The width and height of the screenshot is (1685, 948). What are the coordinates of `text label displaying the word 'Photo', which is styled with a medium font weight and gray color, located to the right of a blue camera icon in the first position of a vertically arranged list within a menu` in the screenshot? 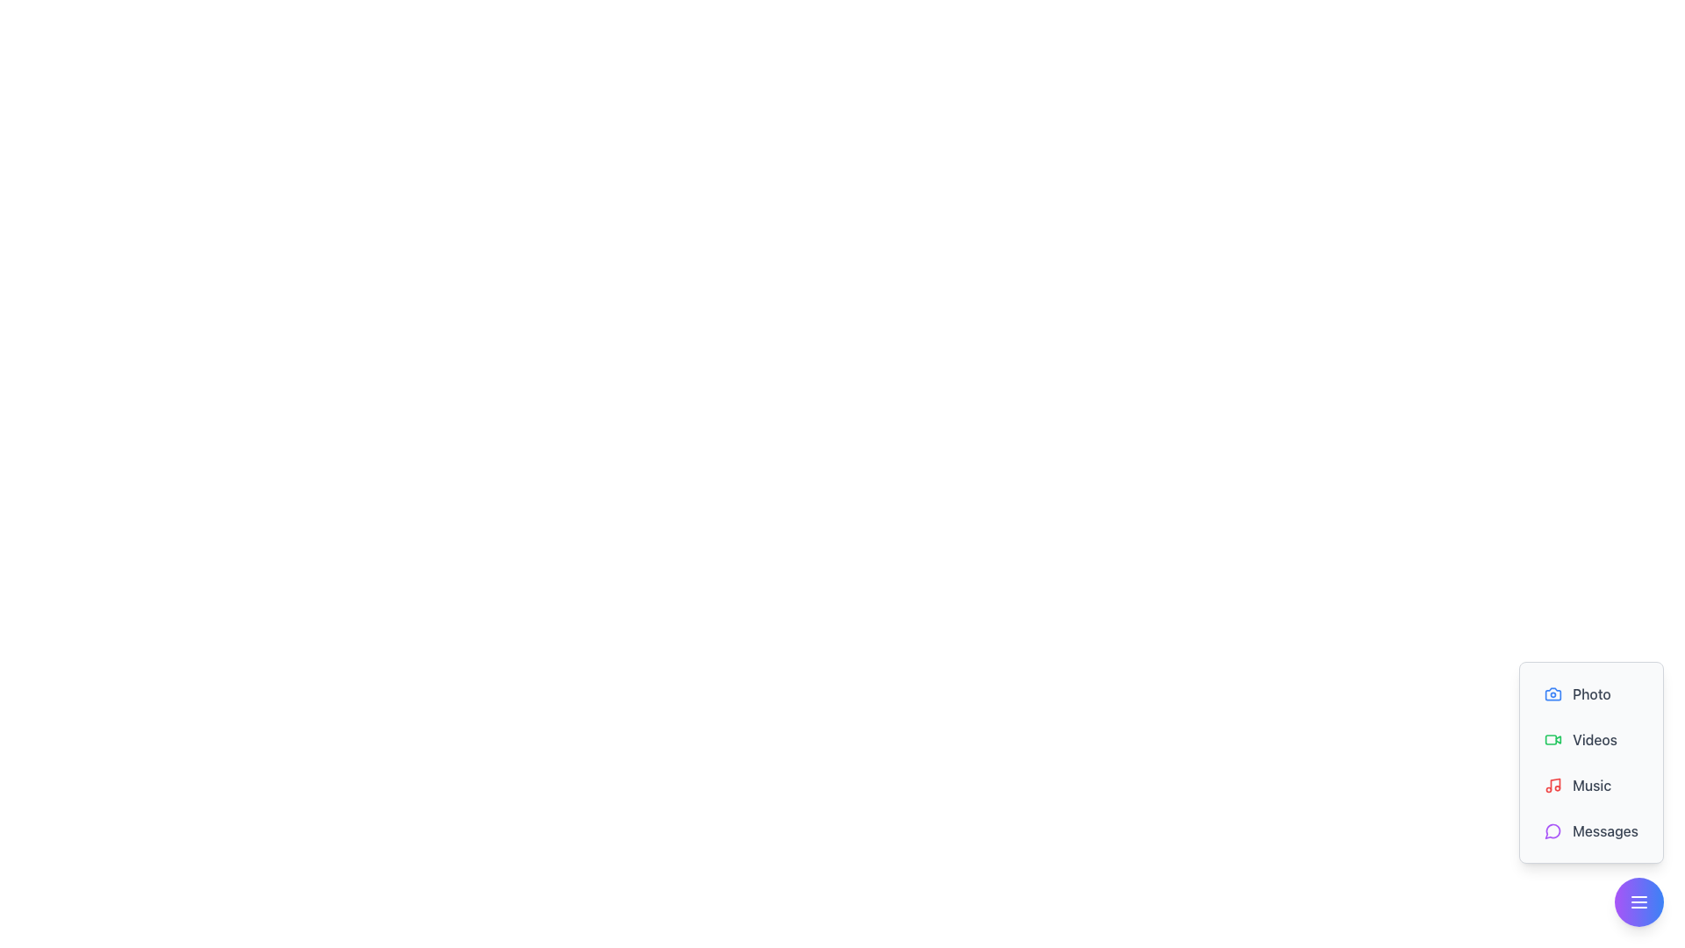 It's located at (1592, 693).